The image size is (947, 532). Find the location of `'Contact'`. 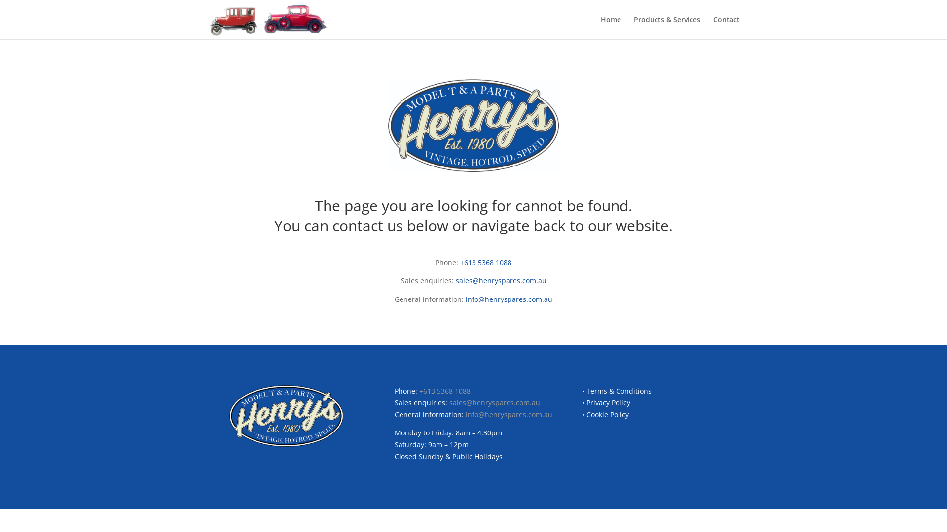

'Contact' is located at coordinates (727, 27).